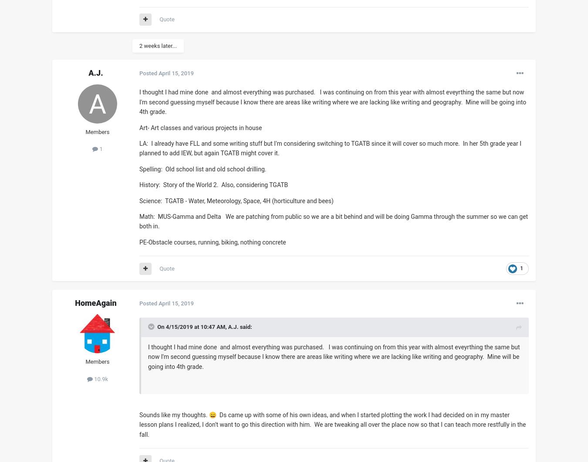  I want to click on 'said:', so click(244, 327).